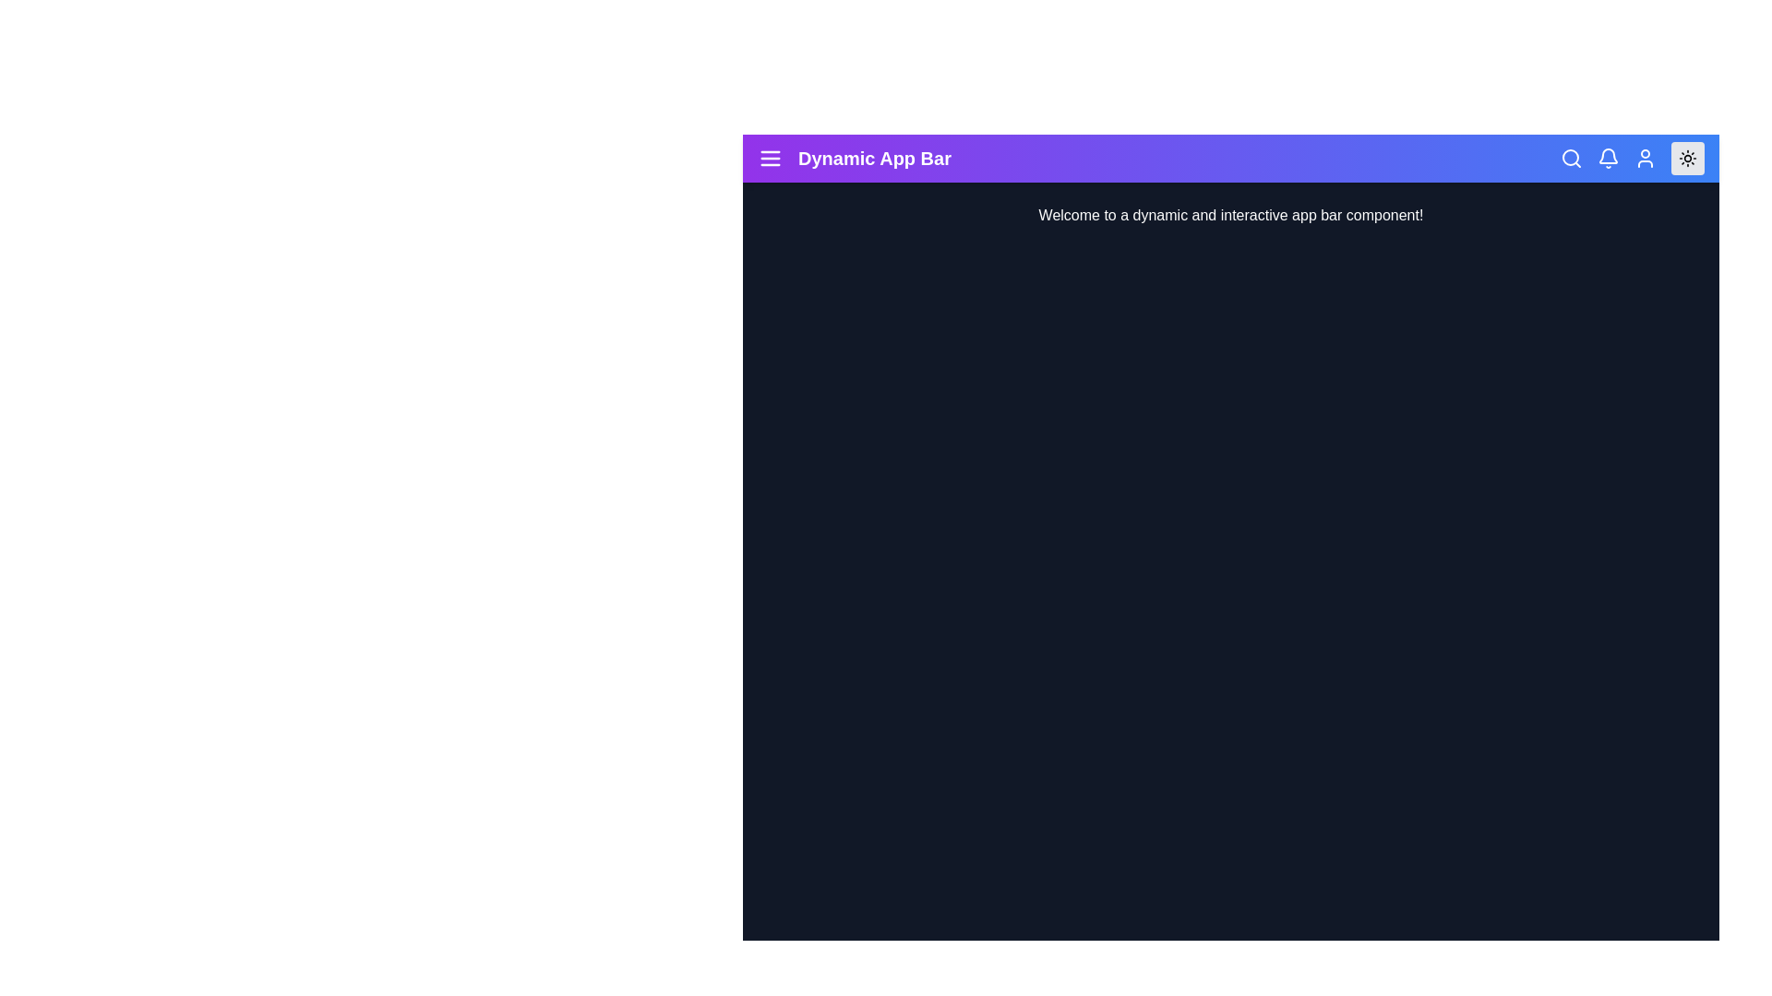 Image resolution: width=1772 pixels, height=996 pixels. I want to click on the notification icon to view notifications, so click(1607, 158).